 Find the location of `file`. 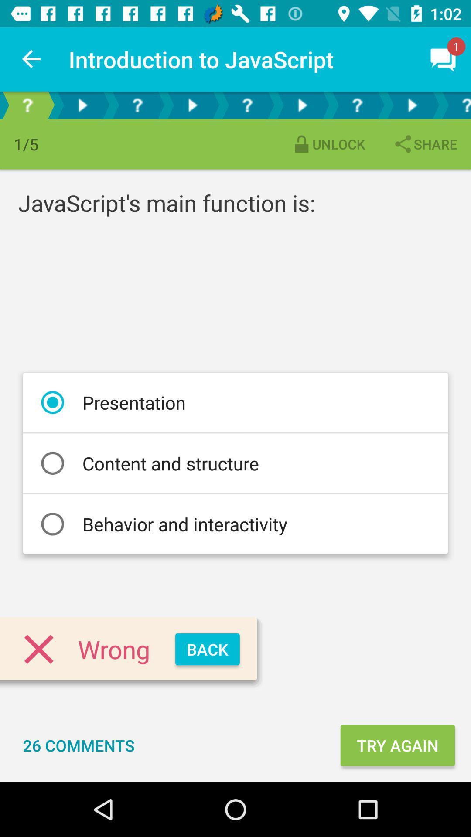

file is located at coordinates (302, 105).